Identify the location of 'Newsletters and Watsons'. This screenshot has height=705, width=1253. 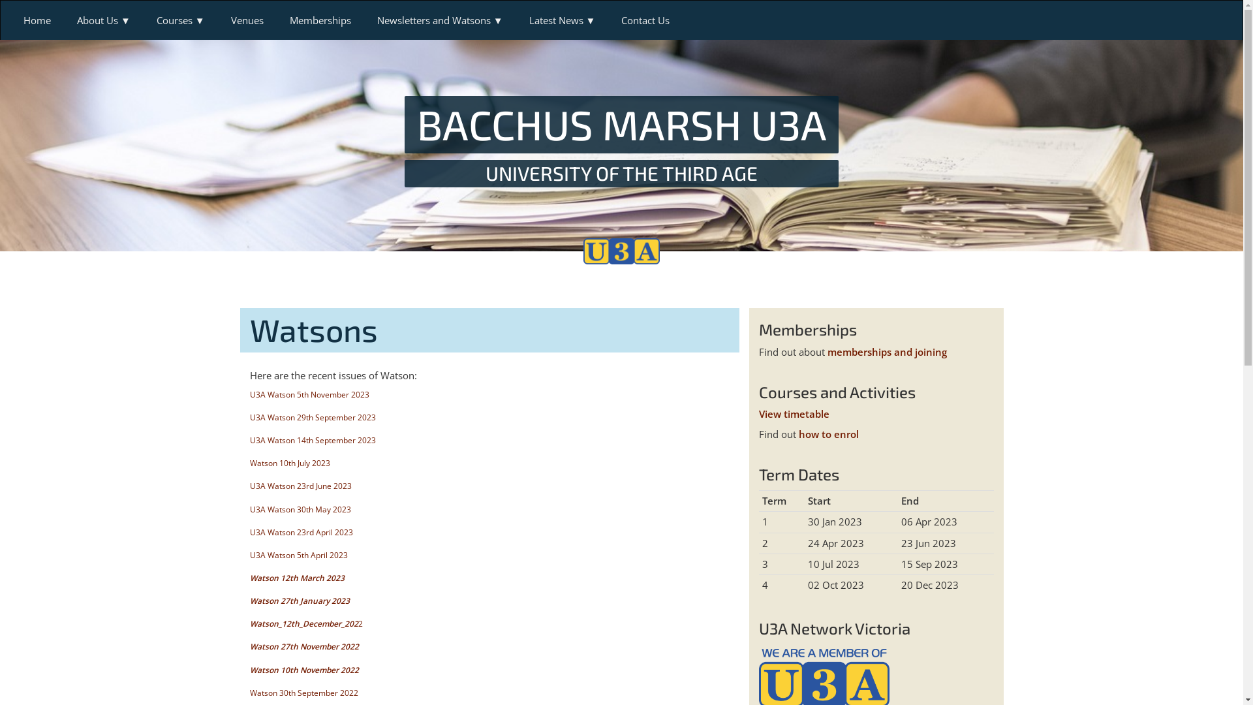
(440, 20).